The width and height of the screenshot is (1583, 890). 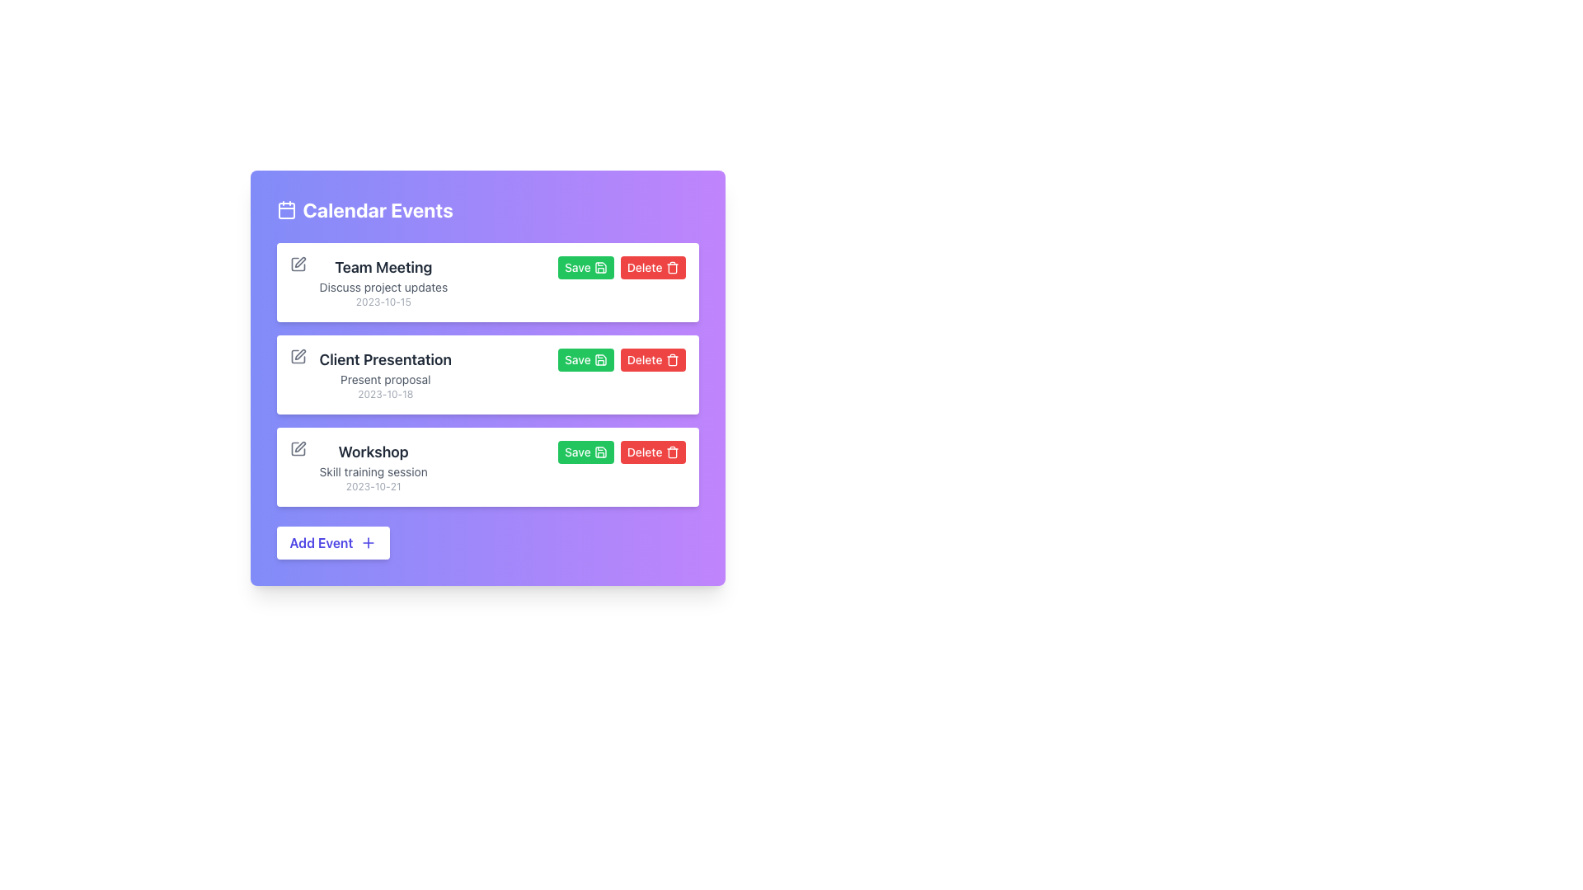 What do you see at coordinates (672, 453) in the screenshot?
I see `the trash bin icon within the delete button of the second 'Client Presentation' event in the calendar events interface for accessibility` at bounding box center [672, 453].